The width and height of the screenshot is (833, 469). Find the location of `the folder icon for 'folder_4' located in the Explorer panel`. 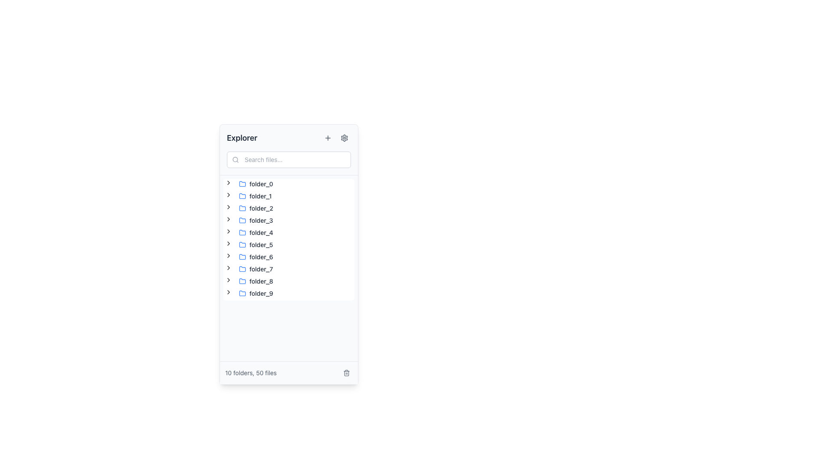

the folder icon for 'folder_4' located in the Explorer panel is located at coordinates (242, 232).